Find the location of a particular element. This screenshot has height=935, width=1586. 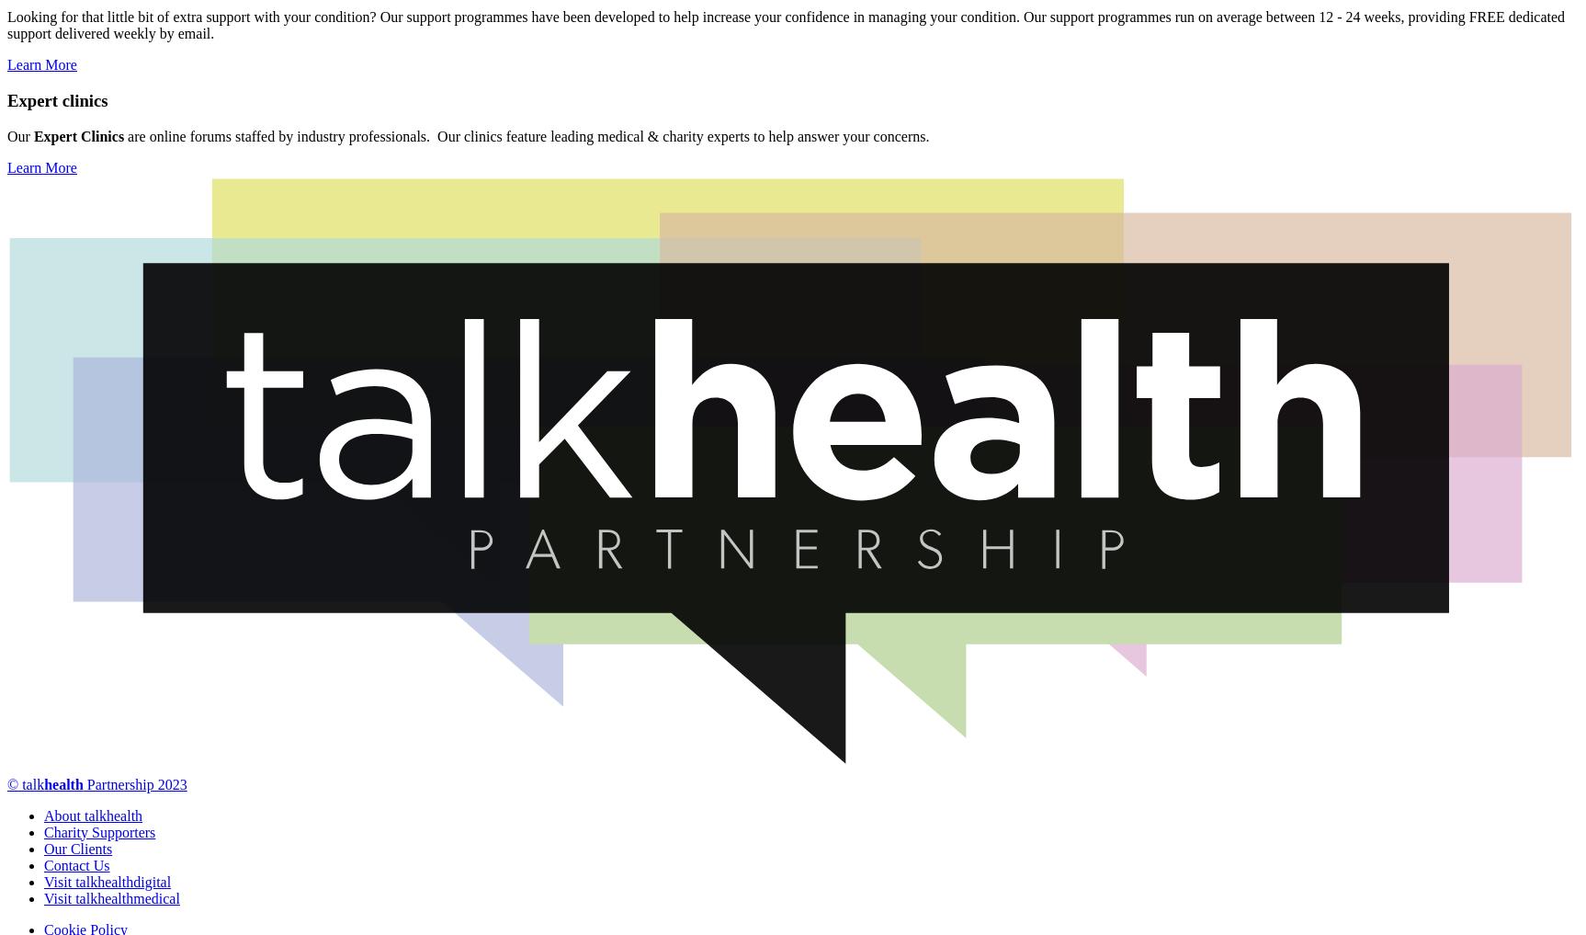

'Expert Clinics' is located at coordinates (78, 134).